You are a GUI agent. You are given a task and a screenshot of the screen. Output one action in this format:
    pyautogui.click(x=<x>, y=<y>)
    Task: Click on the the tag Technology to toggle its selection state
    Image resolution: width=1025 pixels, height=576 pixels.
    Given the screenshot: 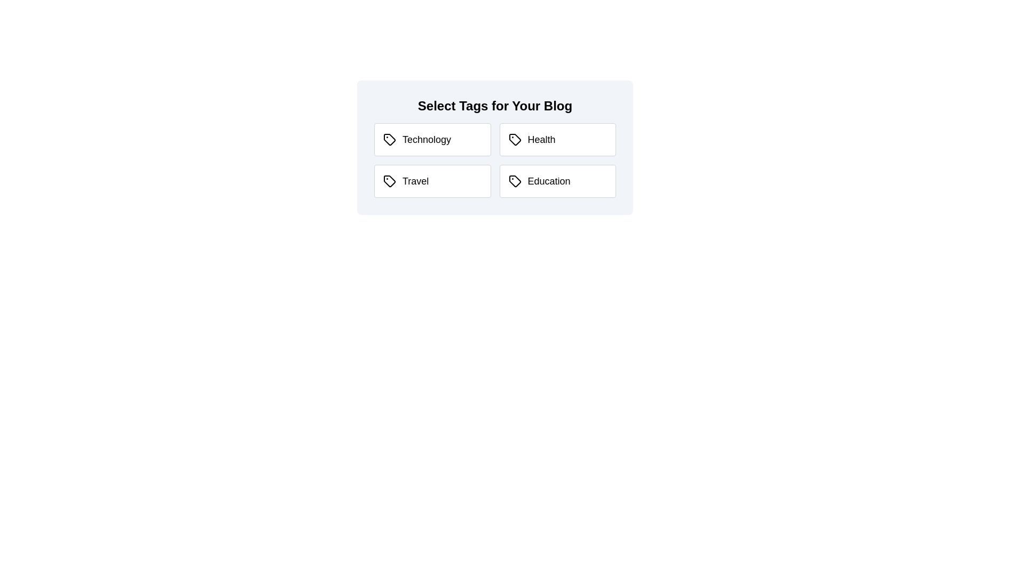 What is the action you would take?
    pyautogui.click(x=432, y=139)
    